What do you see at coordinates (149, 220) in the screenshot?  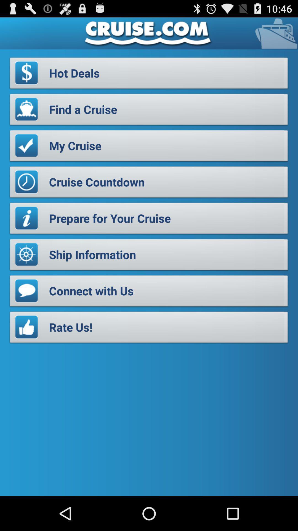 I see `the item below cruise countdown` at bounding box center [149, 220].